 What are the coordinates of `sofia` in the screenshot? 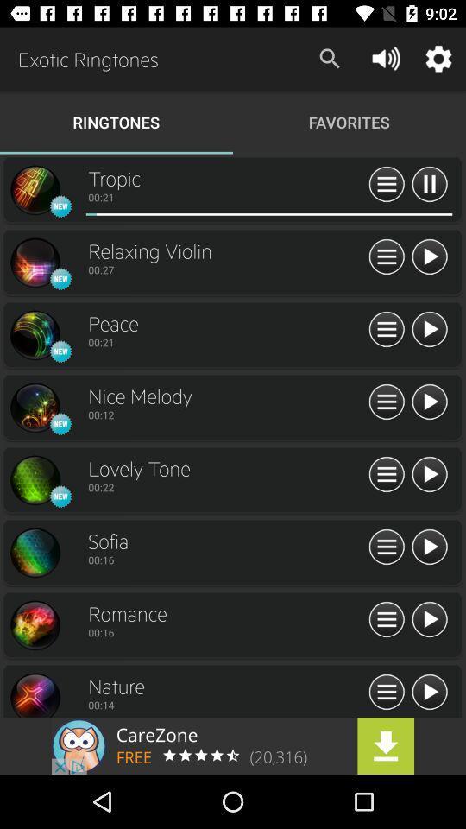 It's located at (226, 540).